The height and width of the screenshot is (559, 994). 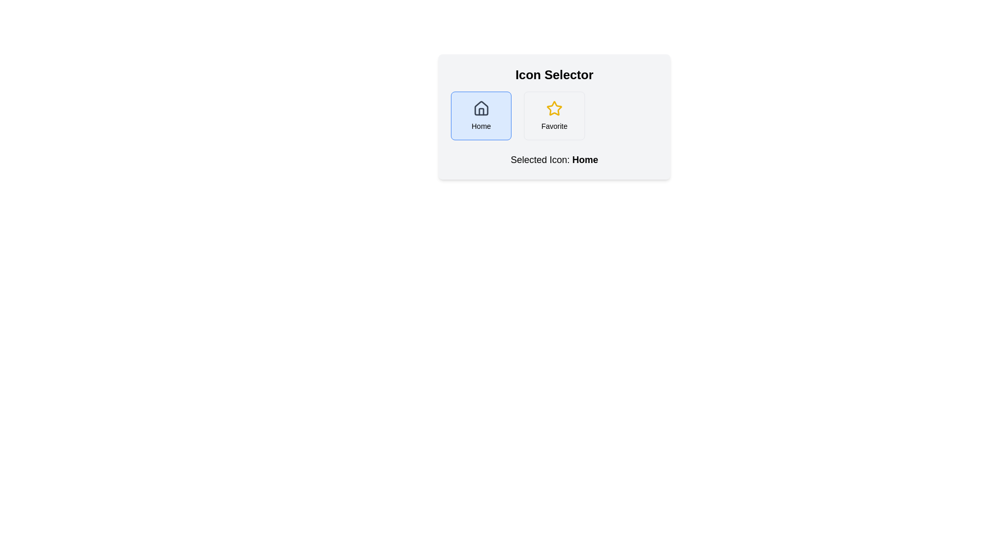 I want to click on the text display that shows the currently selected icon's label, which reads 'Selected Icon: Home', located below the 'Home' and 'Favorite' icon buttons, so click(x=585, y=159).